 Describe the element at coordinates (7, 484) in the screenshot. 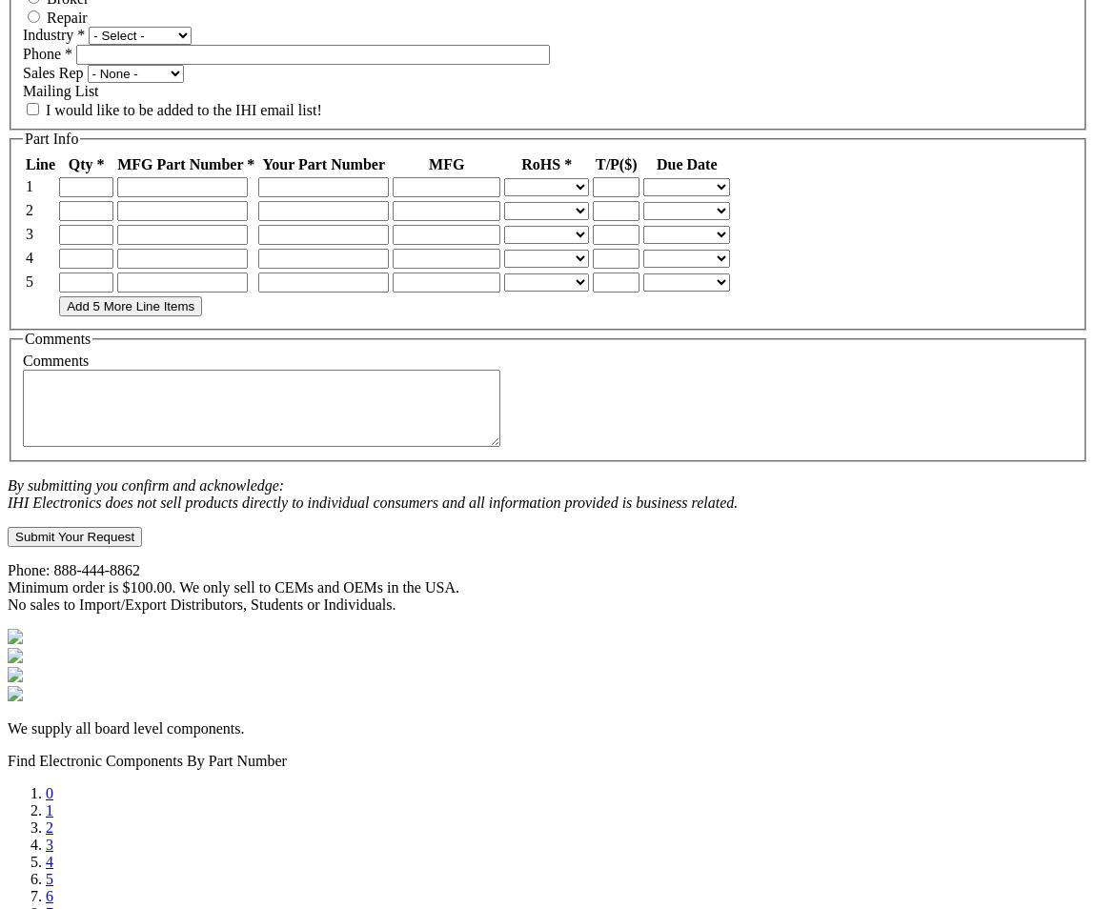

I see `'By submitting you confirm and acknowledge:'` at that location.